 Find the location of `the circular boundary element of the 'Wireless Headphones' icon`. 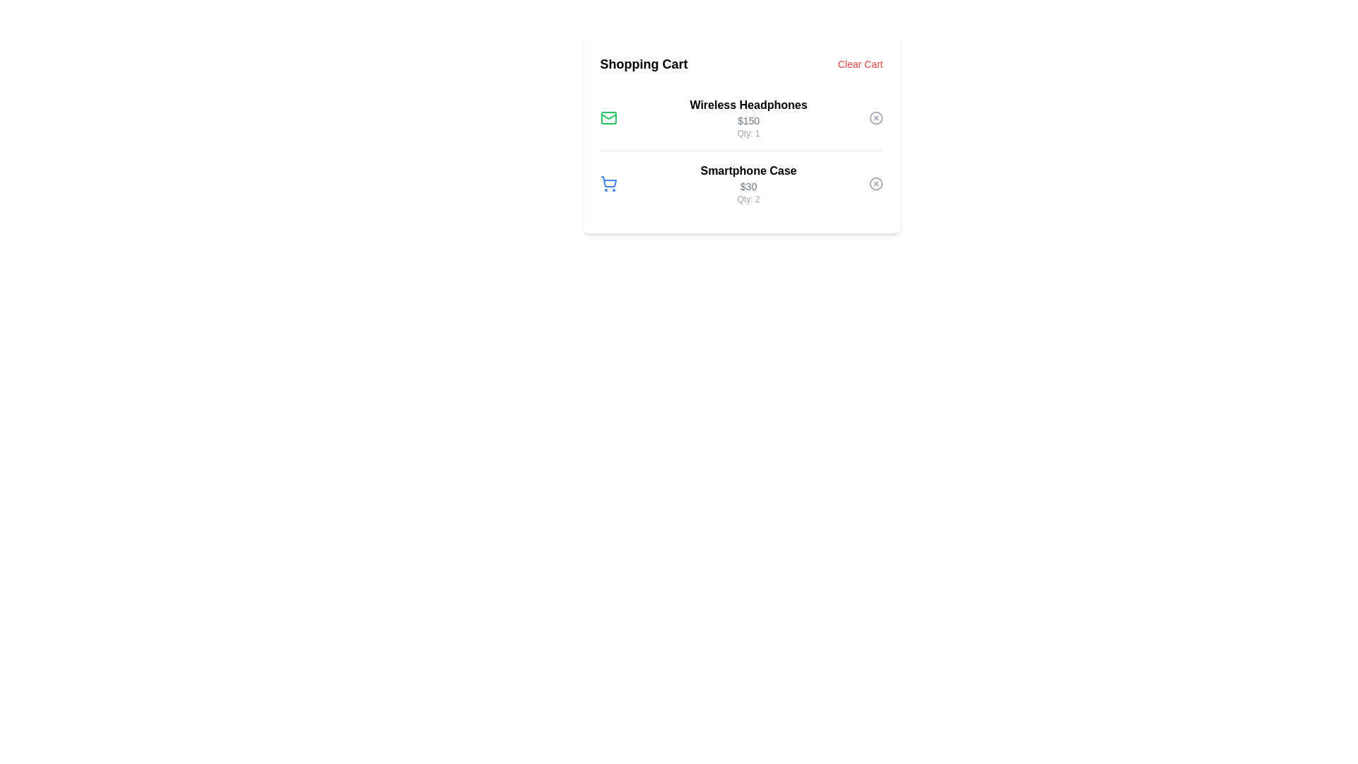

the circular boundary element of the 'Wireless Headphones' icon is located at coordinates (875, 117).